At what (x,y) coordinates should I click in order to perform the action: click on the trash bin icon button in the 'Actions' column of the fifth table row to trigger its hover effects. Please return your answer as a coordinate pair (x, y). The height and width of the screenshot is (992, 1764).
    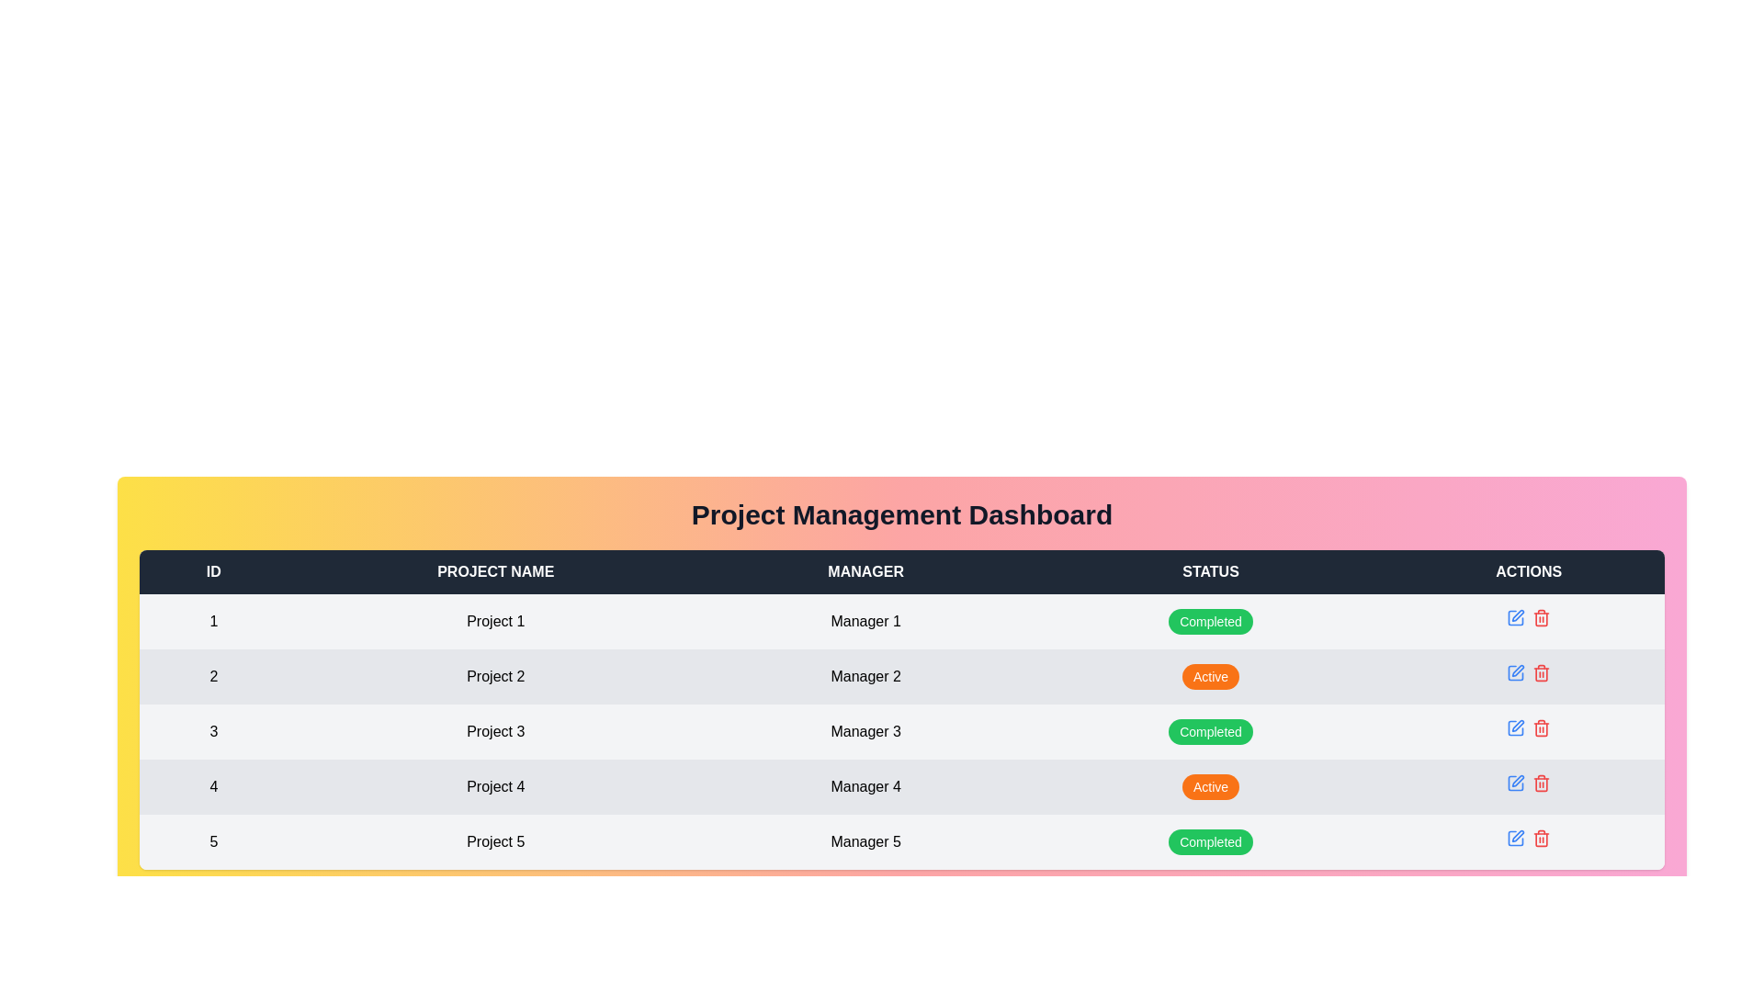
    Looking at the image, I should click on (1542, 839).